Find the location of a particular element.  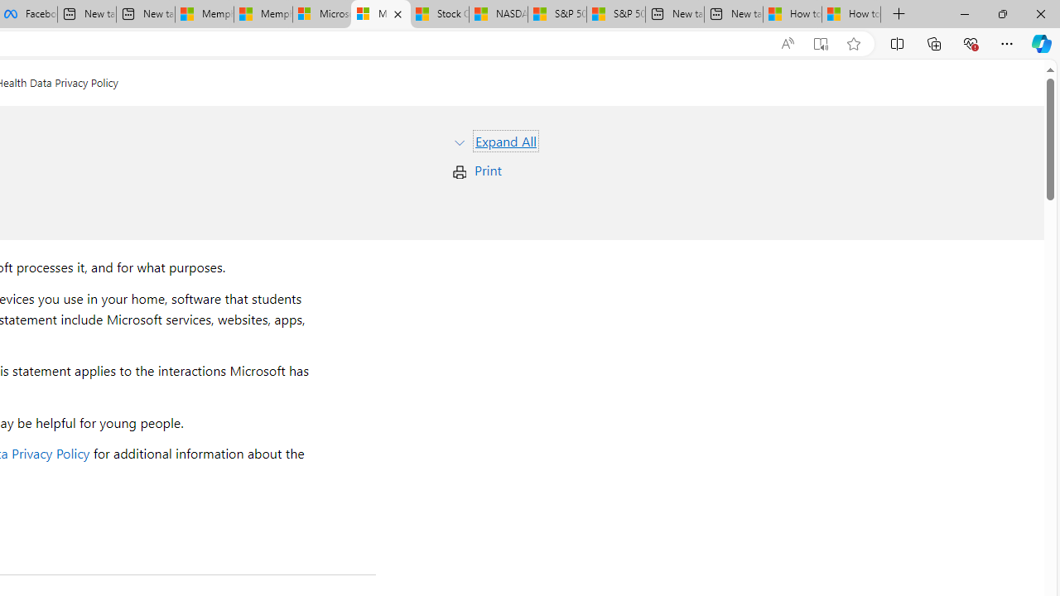

'Enter Immersive Reader (F9)' is located at coordinates (821, 43).